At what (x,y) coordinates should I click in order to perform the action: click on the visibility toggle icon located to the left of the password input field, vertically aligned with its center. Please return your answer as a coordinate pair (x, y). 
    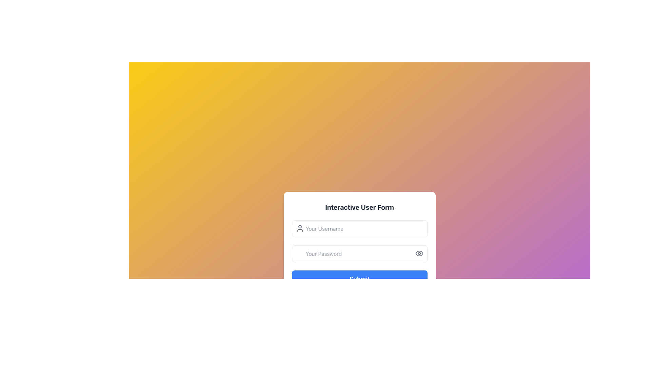
    Looking at the image, I should click on (419, 253).